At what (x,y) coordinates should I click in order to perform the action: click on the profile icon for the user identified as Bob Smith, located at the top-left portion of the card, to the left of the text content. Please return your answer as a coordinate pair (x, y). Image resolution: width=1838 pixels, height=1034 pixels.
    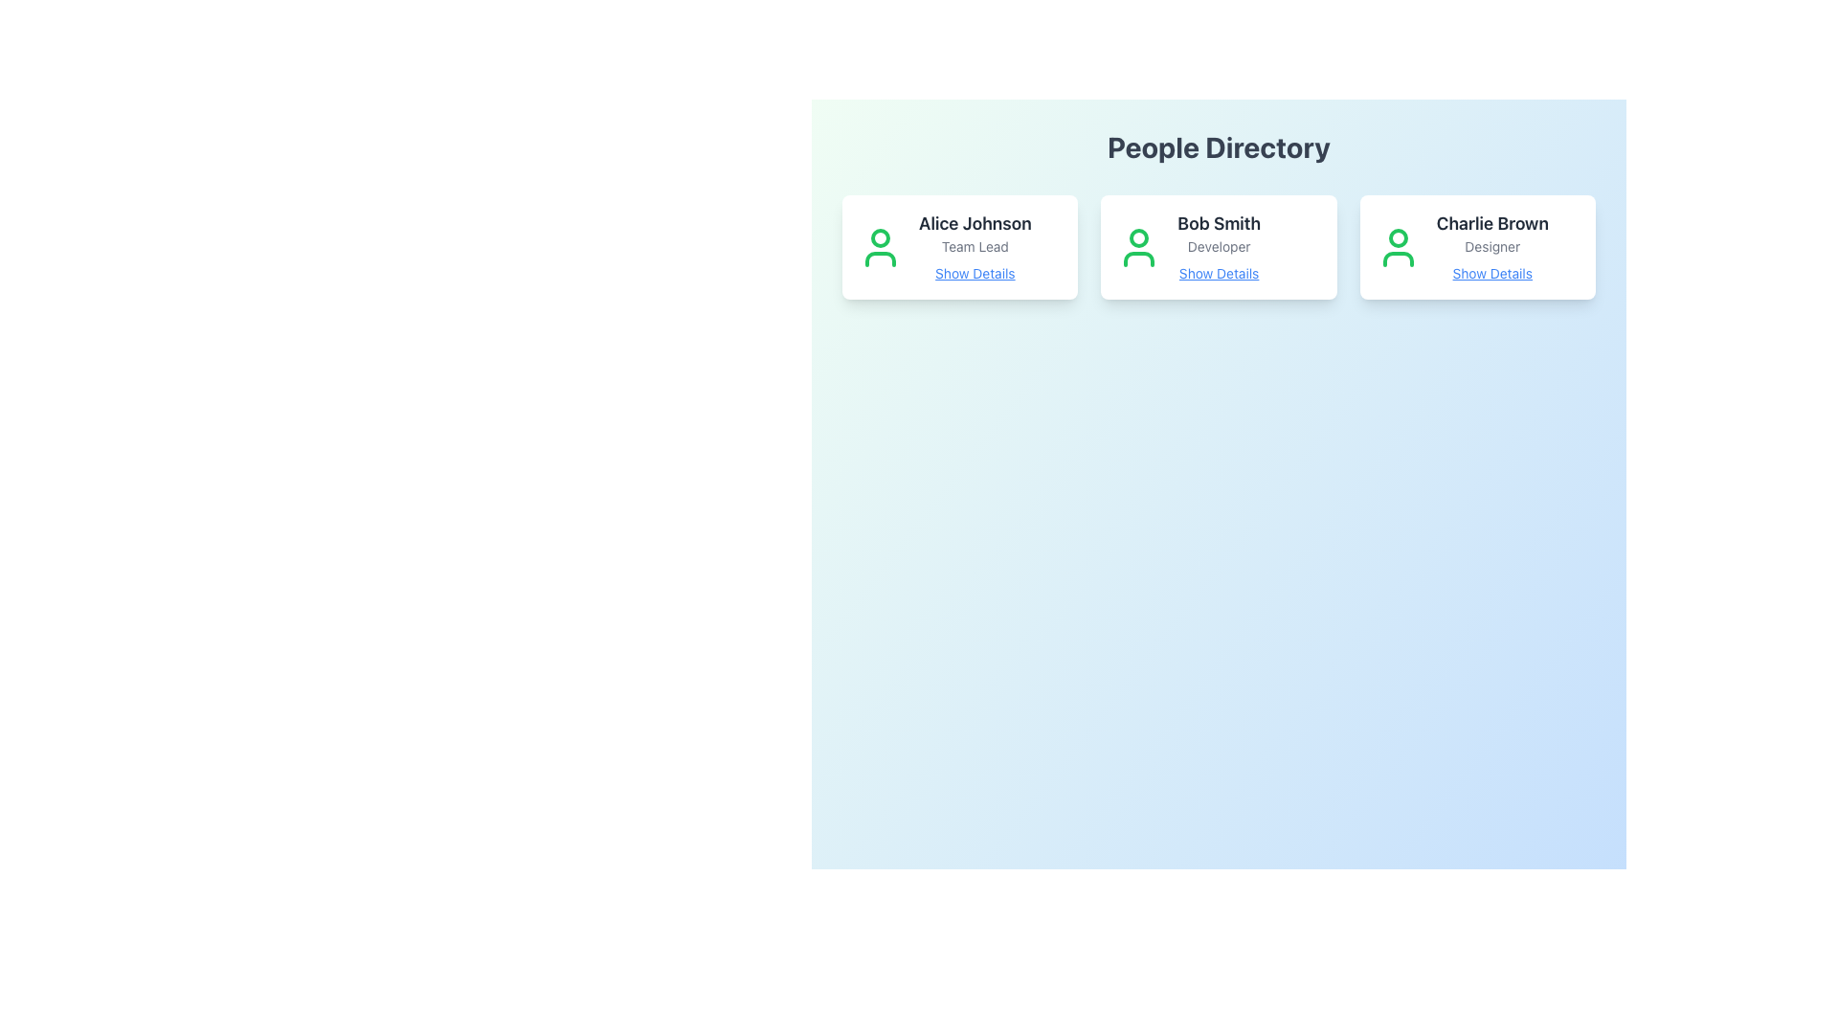
    Looking at the image, I should click on (1139, 246).